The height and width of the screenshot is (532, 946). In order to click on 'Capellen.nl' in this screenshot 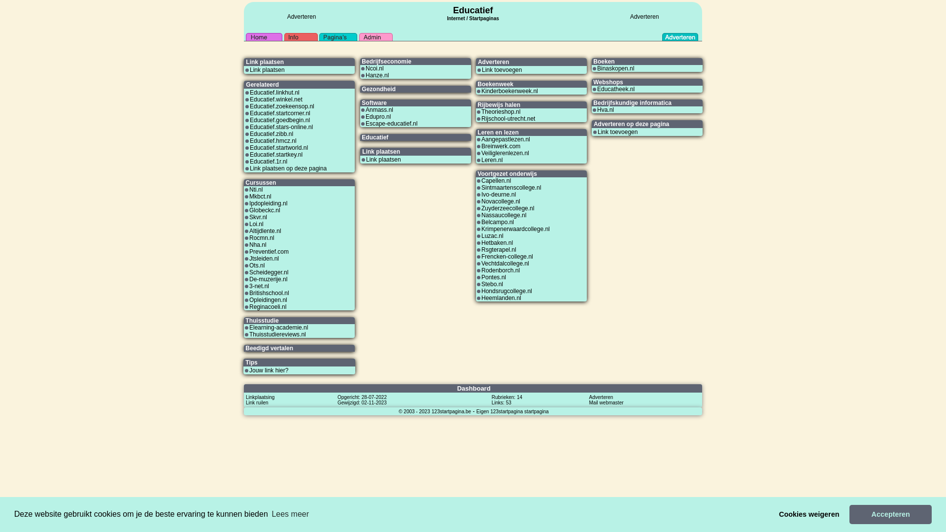, I will do `click(496, 180)`.